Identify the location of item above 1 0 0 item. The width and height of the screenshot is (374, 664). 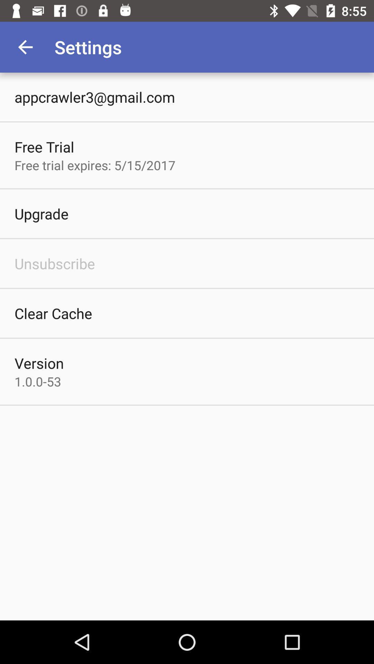
(39, 363).